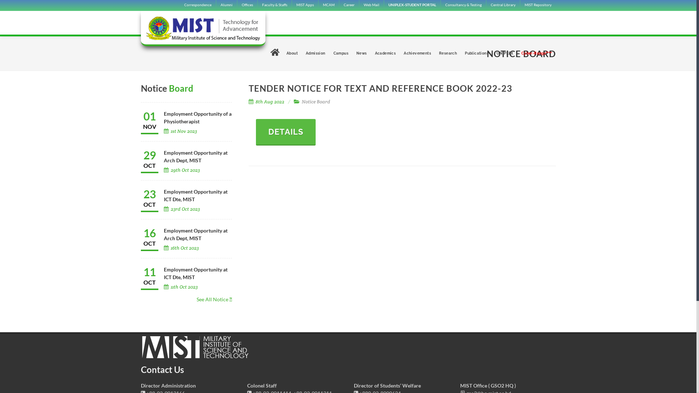 The width and height of the screenshot is (699, 393). I want to click on 'Employment Opportunity of a Physiotherapist', so click(197, 117).